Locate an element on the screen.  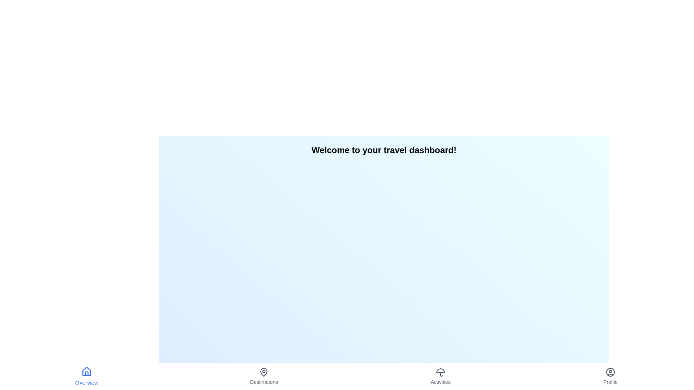
the profile button located in the bottom navigation bar, which is the last item on the right, to change its color is located at coordinates (610, 376).